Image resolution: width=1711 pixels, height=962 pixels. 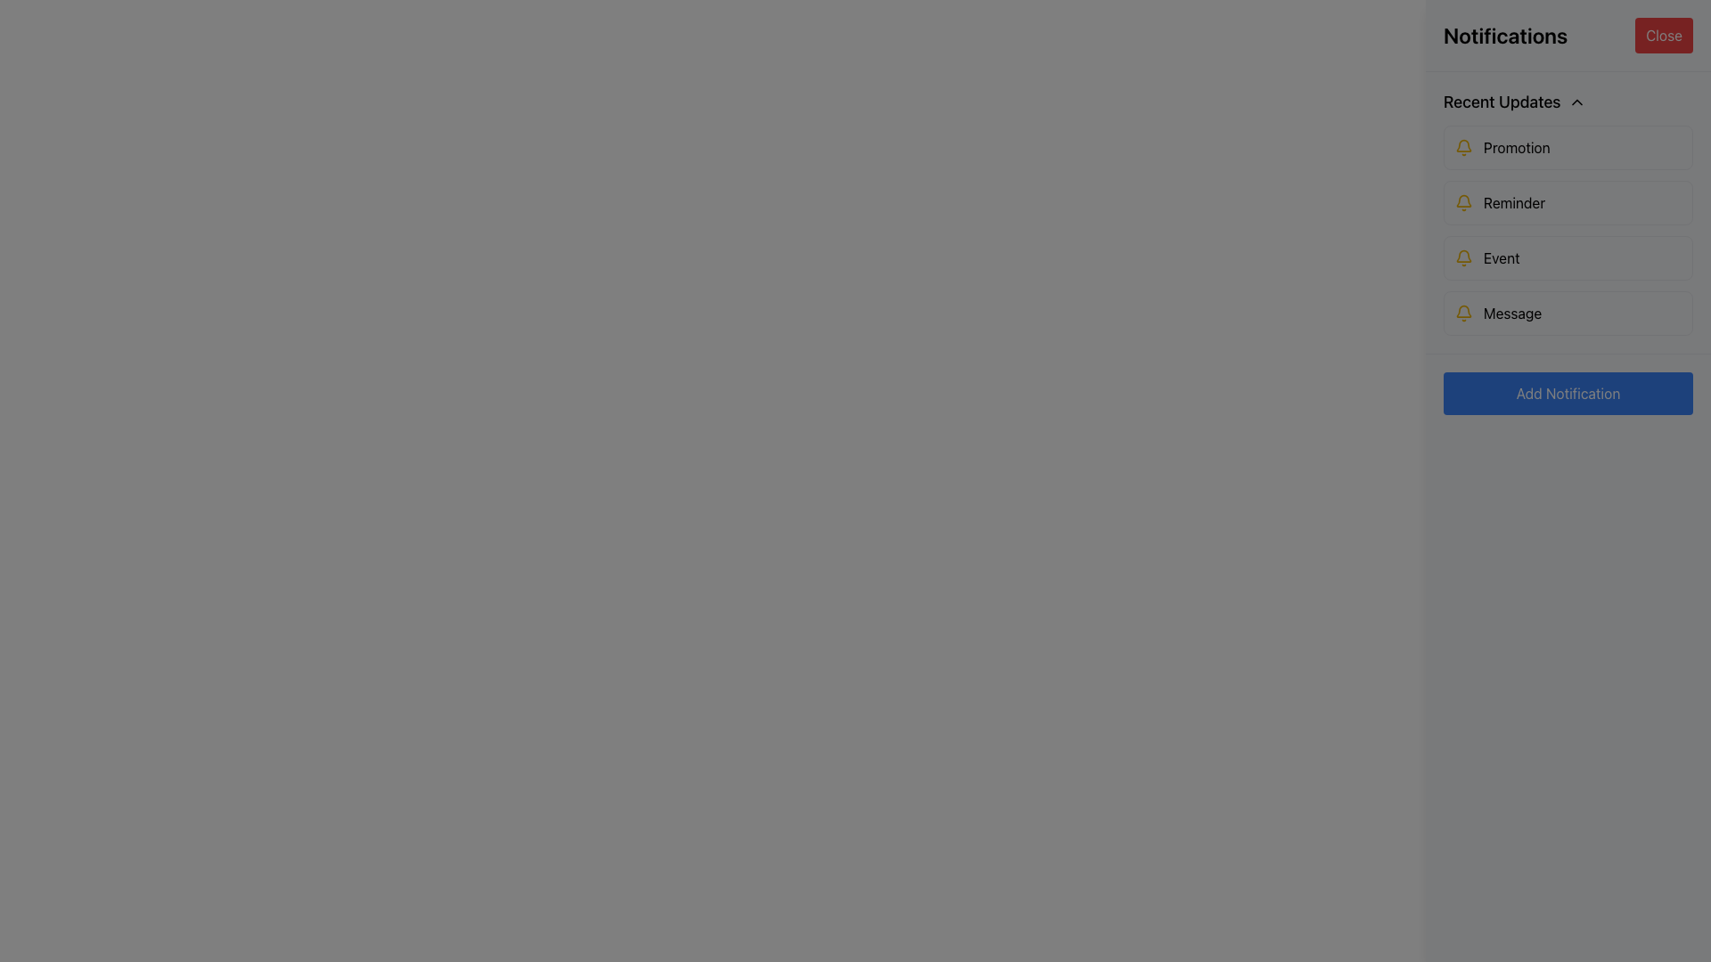 What do you see at coordinates (1568, 257) in the screenshot?
I see `the notification item labeled 'Event' in the notifications panel` at bounding box center [1568, 257].